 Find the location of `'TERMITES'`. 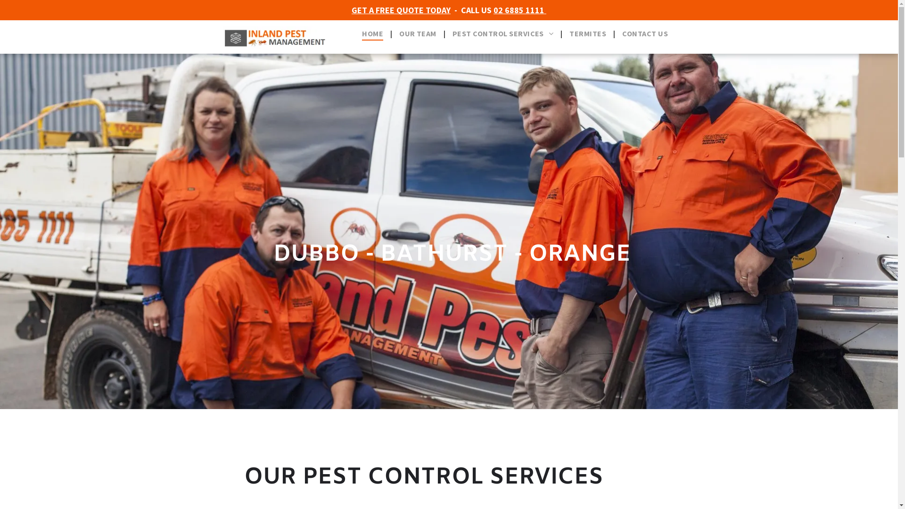

'TERMITES' is located at coordinates (587, 33).